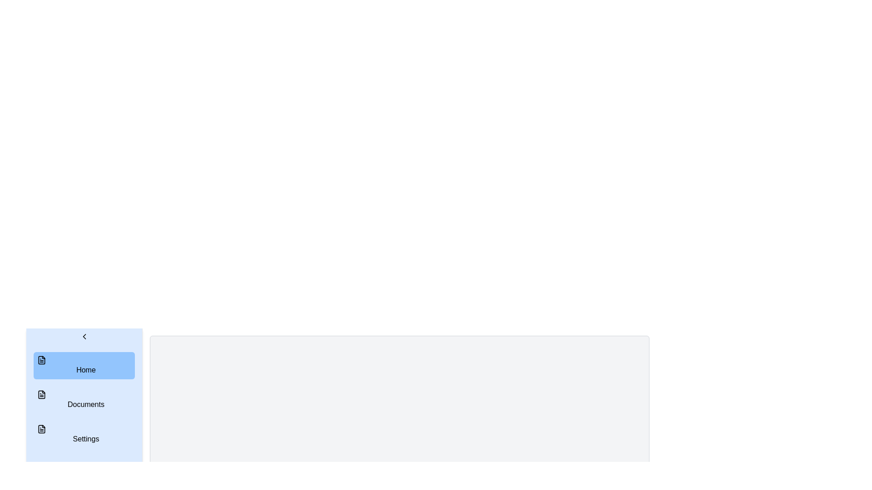 This screenshot has width=872, height=490. I want to click on the left-pointing chevron icon in the top-left corner of the vertical menu panel, so click(84, 336).